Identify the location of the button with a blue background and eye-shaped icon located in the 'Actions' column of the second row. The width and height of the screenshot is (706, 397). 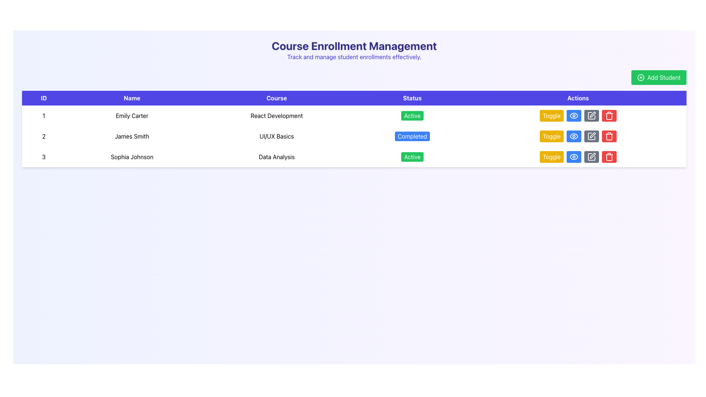
(573, 136).